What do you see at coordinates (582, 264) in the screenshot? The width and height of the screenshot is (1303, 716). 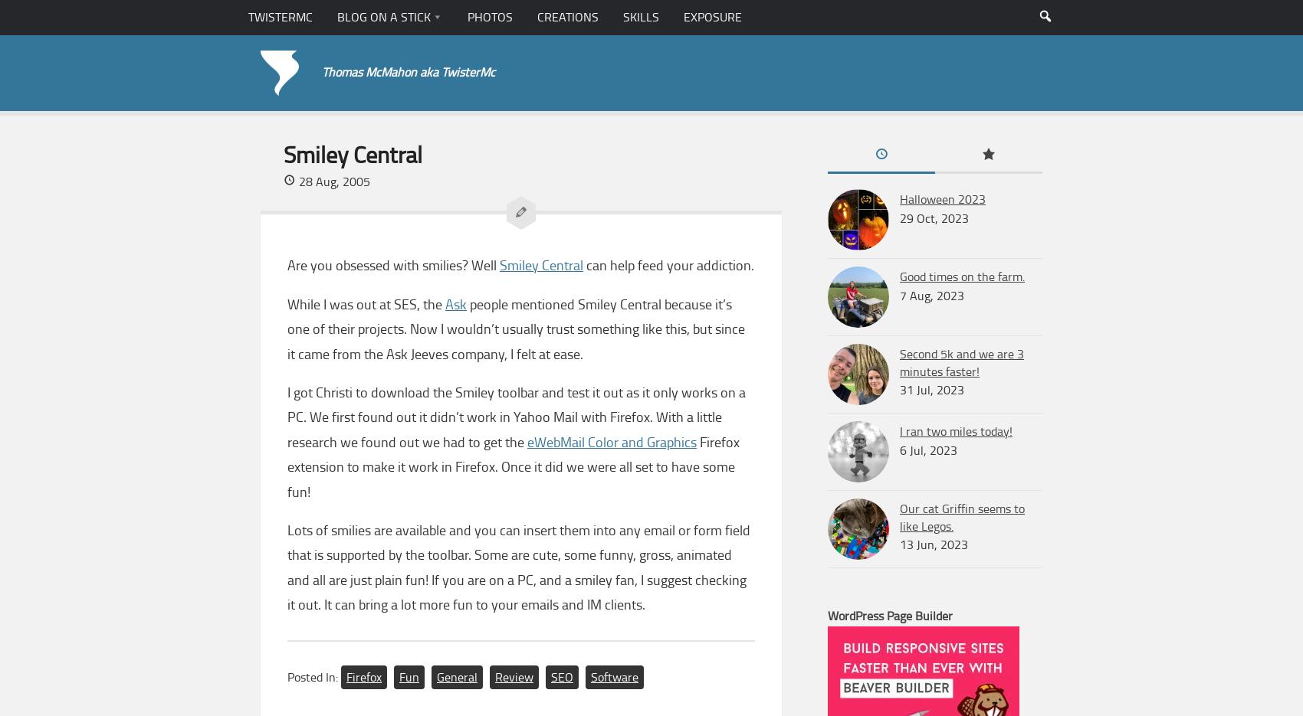 I see `'can help feed your addiction.'` at bounding box center [582, 264].